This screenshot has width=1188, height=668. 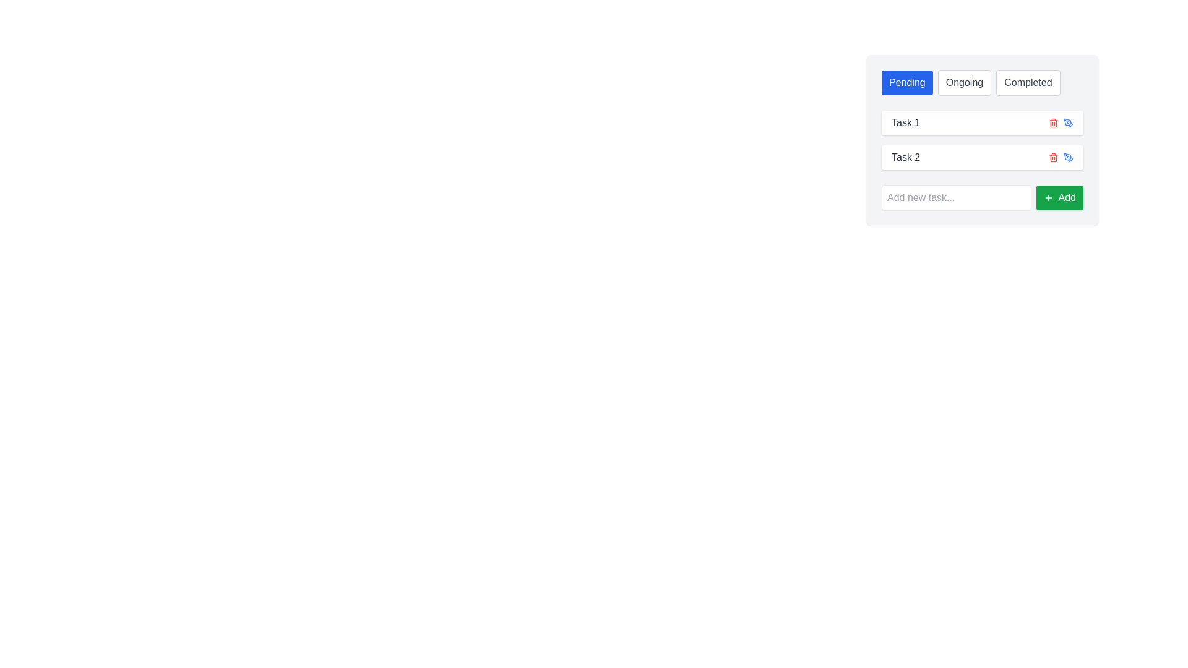 I want to click on the text of the task entry item named 'Task 1' for editing by clicking on it, so click(x=982, y=123).